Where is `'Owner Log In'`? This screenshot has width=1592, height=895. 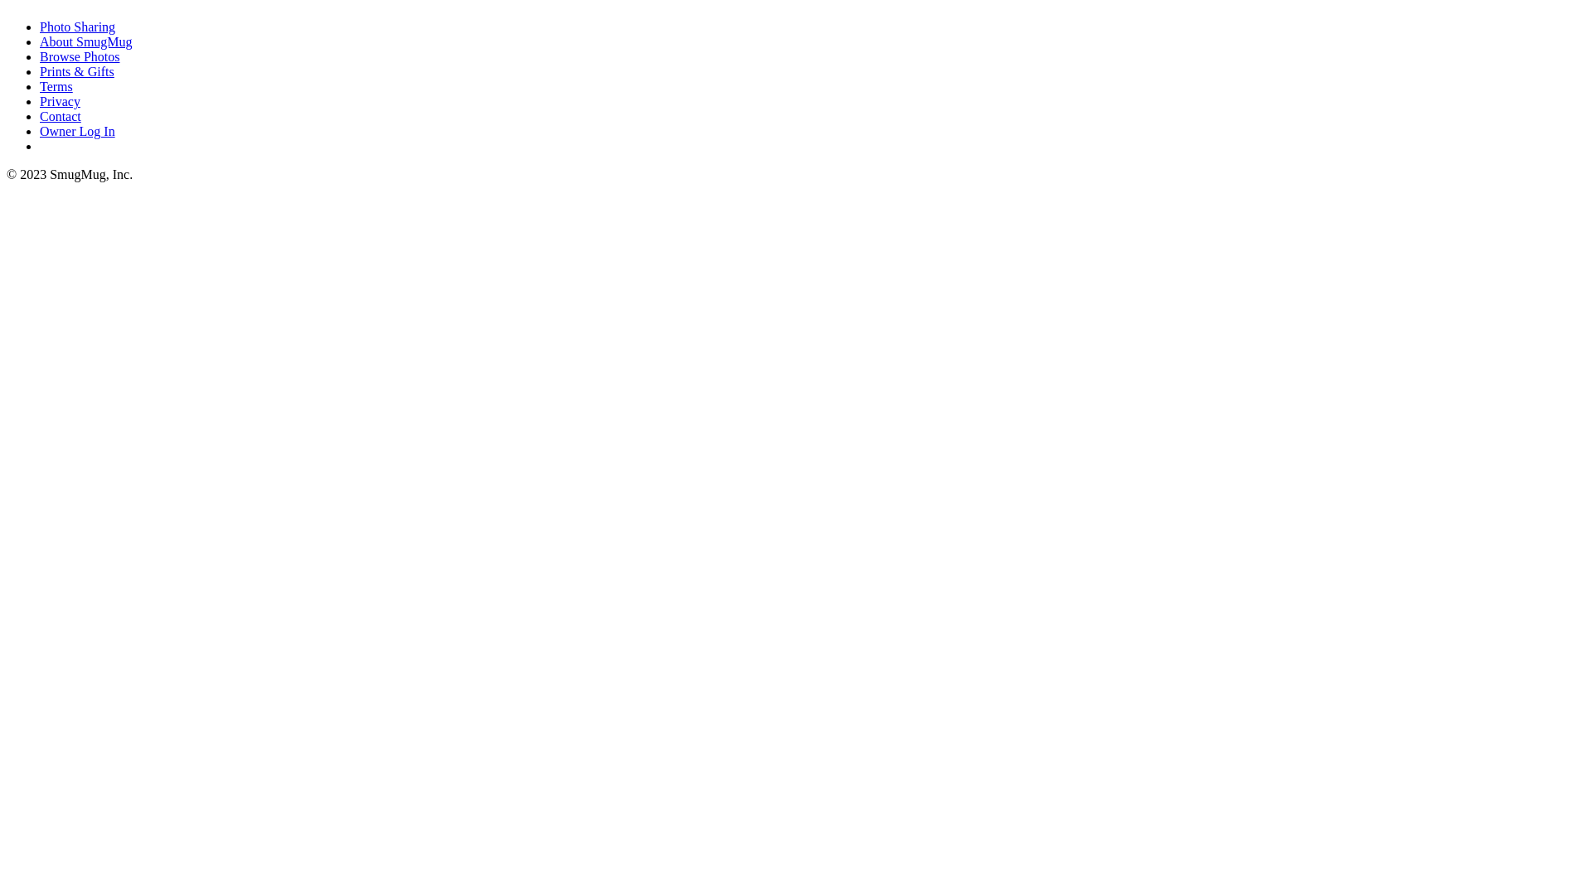 'Owner Log In' is located at coordinates (40, 130).